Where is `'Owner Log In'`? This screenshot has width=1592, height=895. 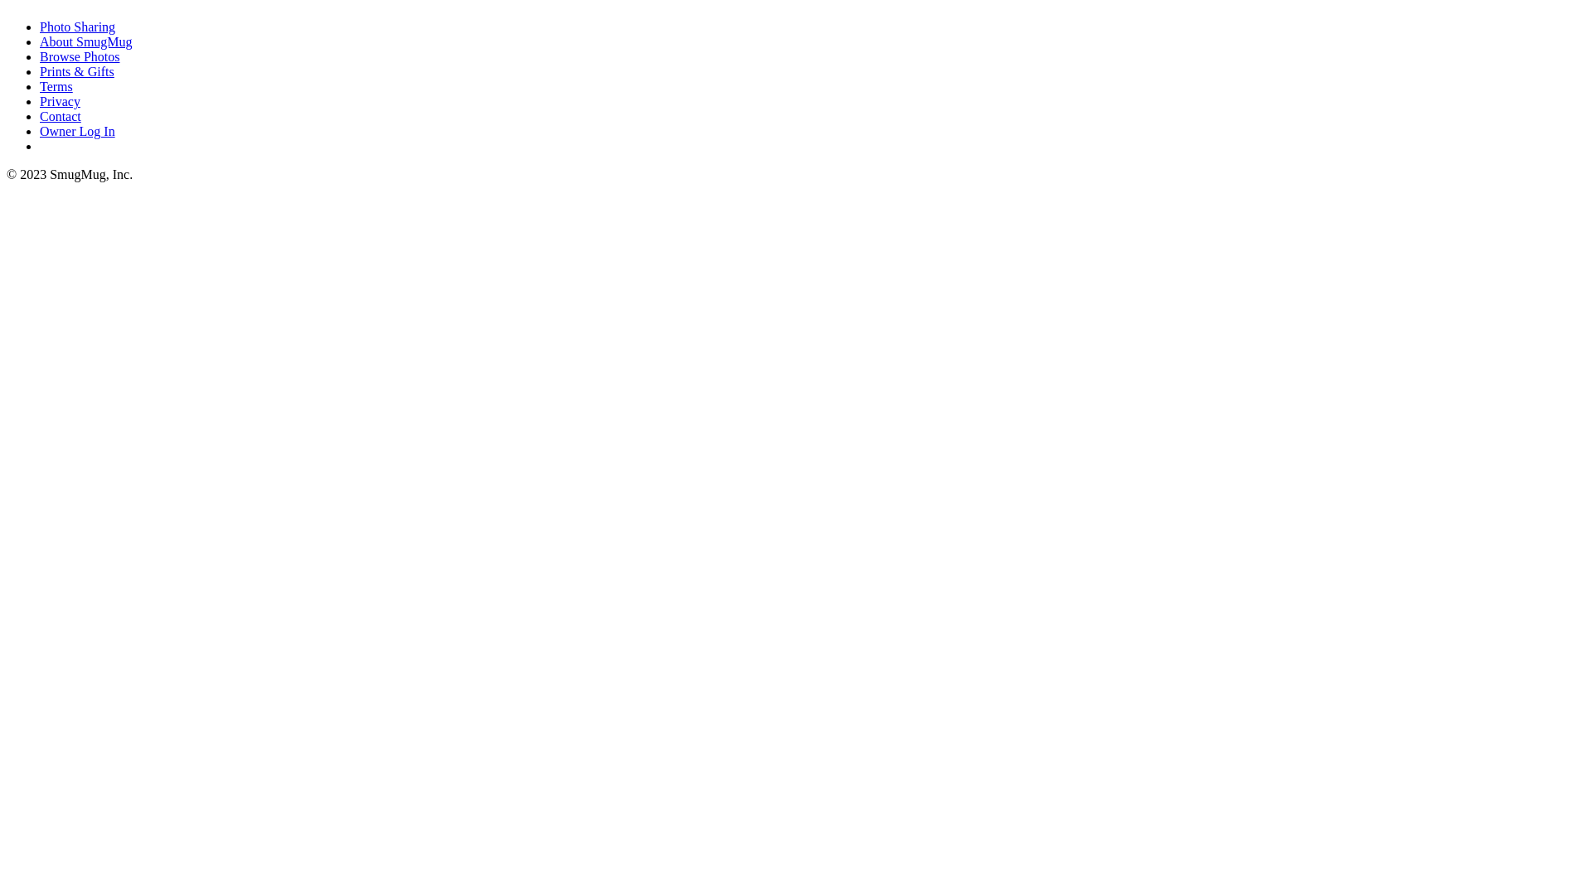 'Owner Log In' is located at coordinates (40, 130).